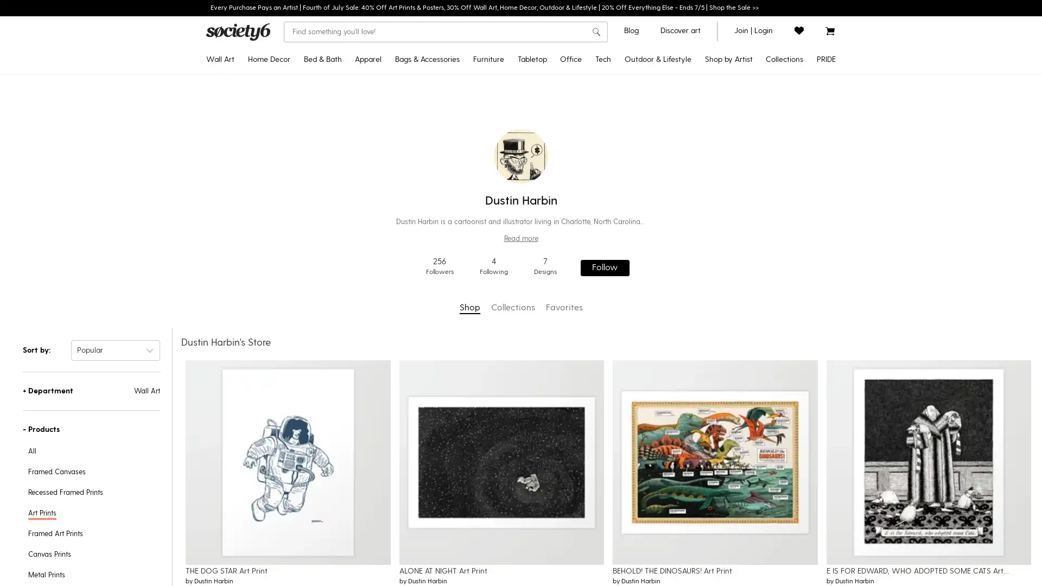 Image resolution: width=1042 pixels, height=586 pixels. I want to click on join or login, so click(753, 30).